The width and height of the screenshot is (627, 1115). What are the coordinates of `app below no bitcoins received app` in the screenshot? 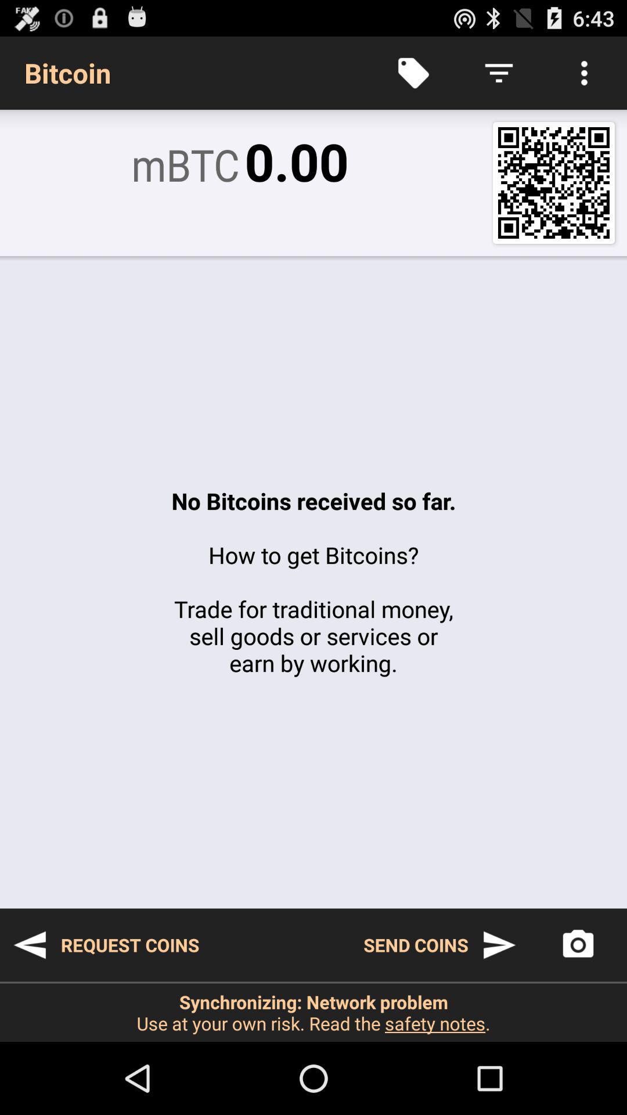 It's located at (578, 945).